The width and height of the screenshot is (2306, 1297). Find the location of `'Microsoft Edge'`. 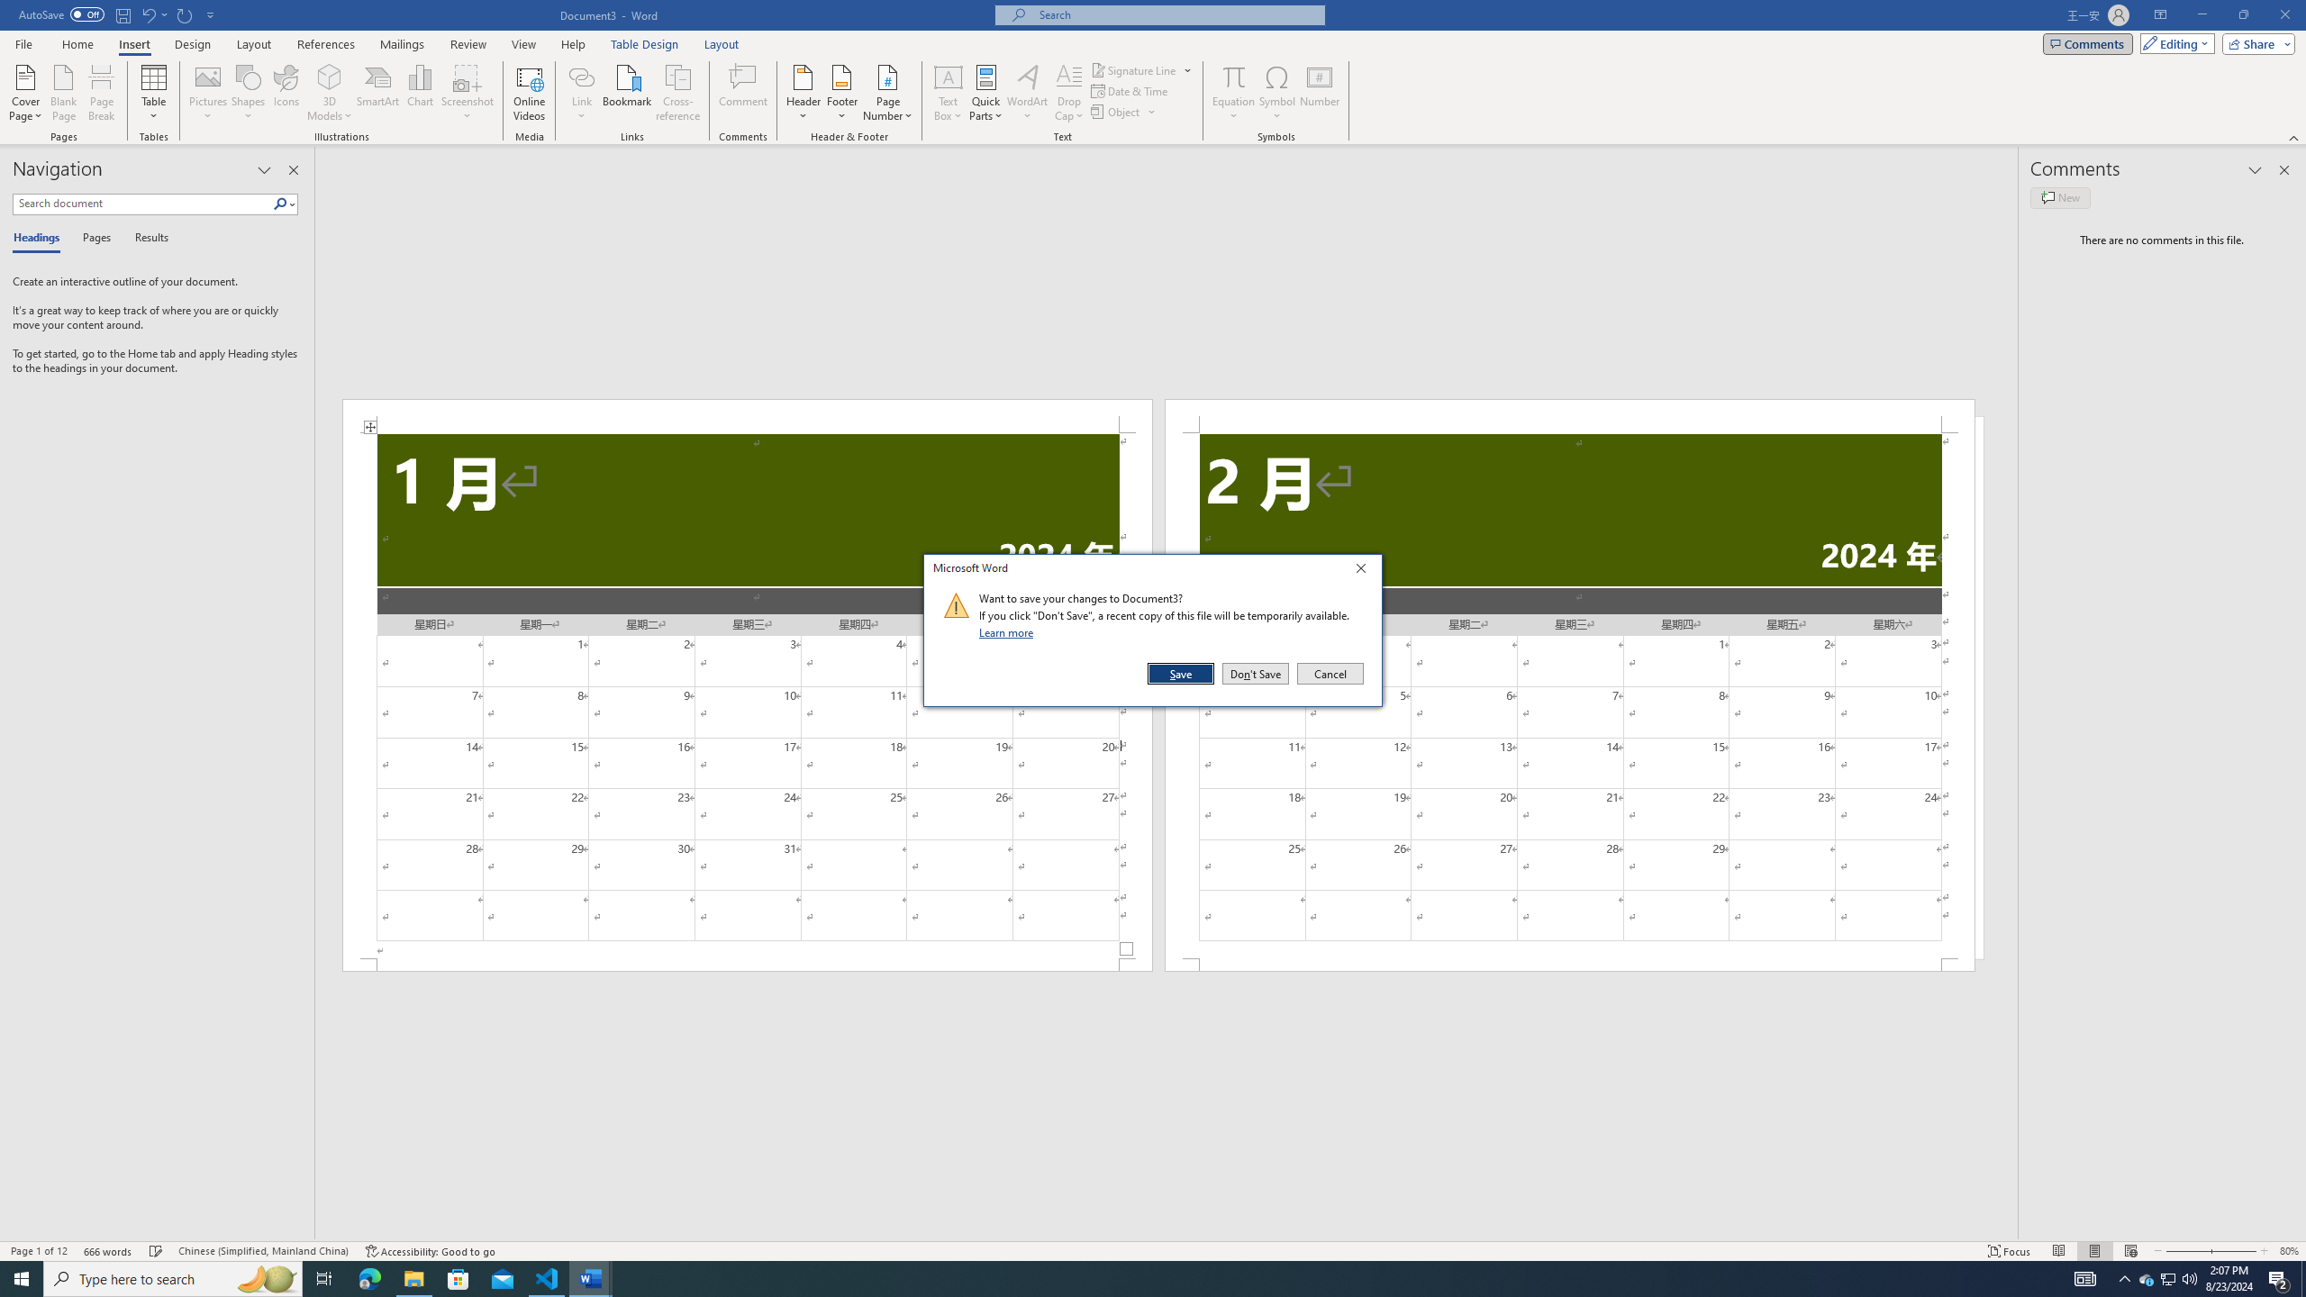

'Microsoft Edge' is located at coordinates (368, 1277).